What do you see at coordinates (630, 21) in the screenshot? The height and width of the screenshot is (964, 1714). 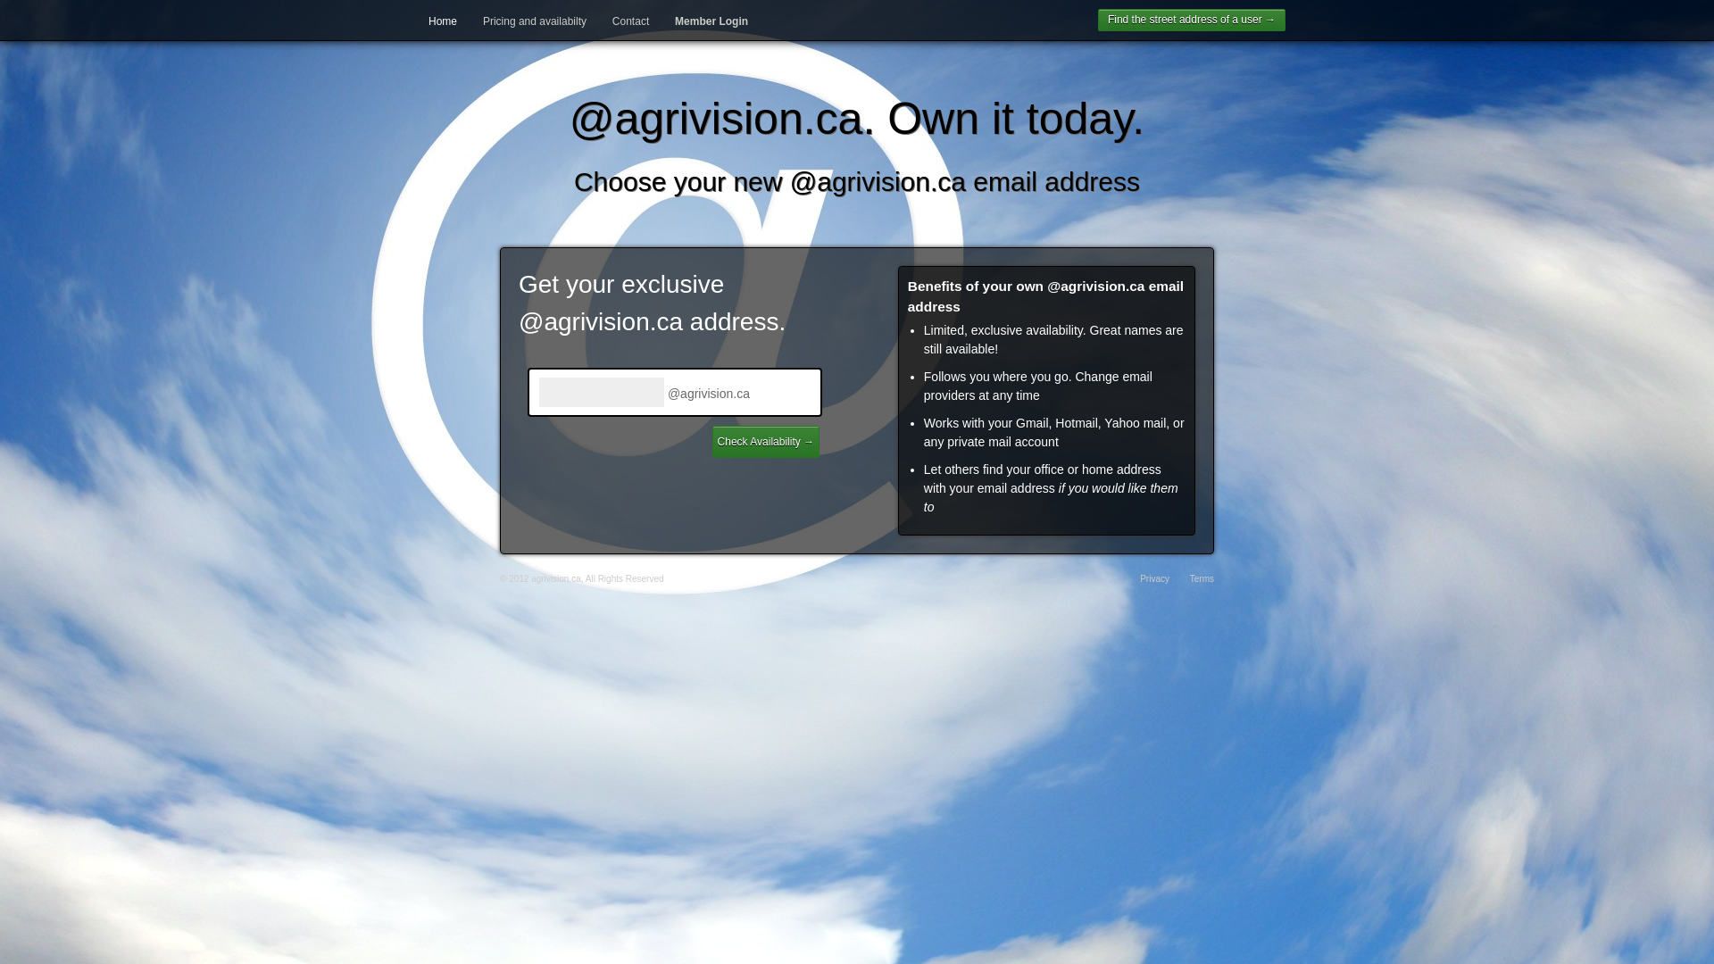 I see `'Contact'` at bounding box center [630, 21].